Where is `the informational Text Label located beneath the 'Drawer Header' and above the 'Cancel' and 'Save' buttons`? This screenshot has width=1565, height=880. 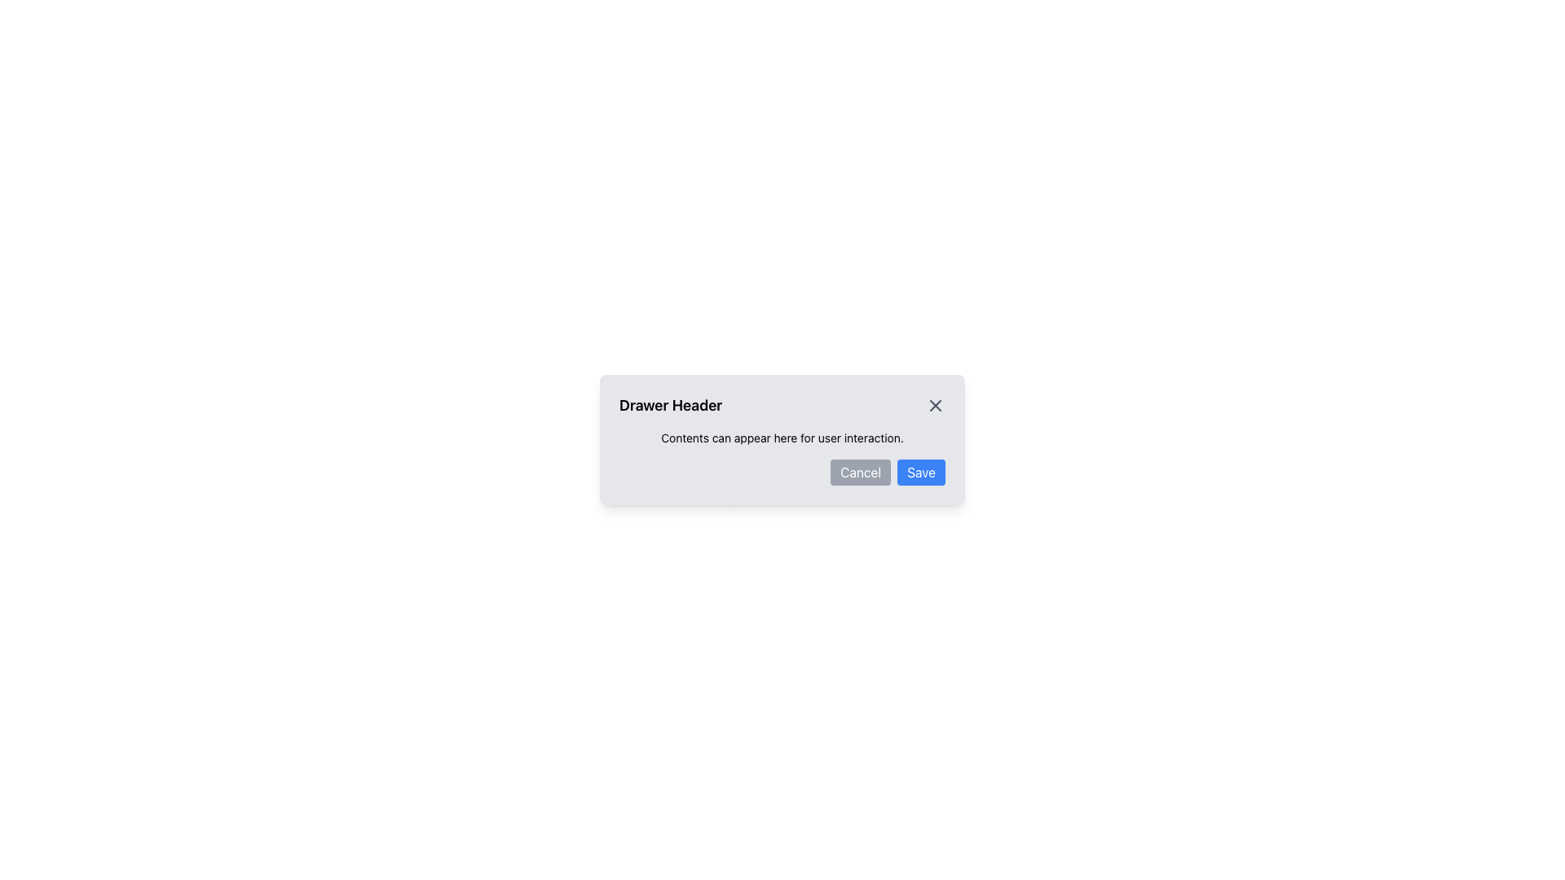
the informational Text Label located beneath the 'Drawer Header' and above the 'Cancel' and 'Save' buttons is located at coordinates (782, 437).